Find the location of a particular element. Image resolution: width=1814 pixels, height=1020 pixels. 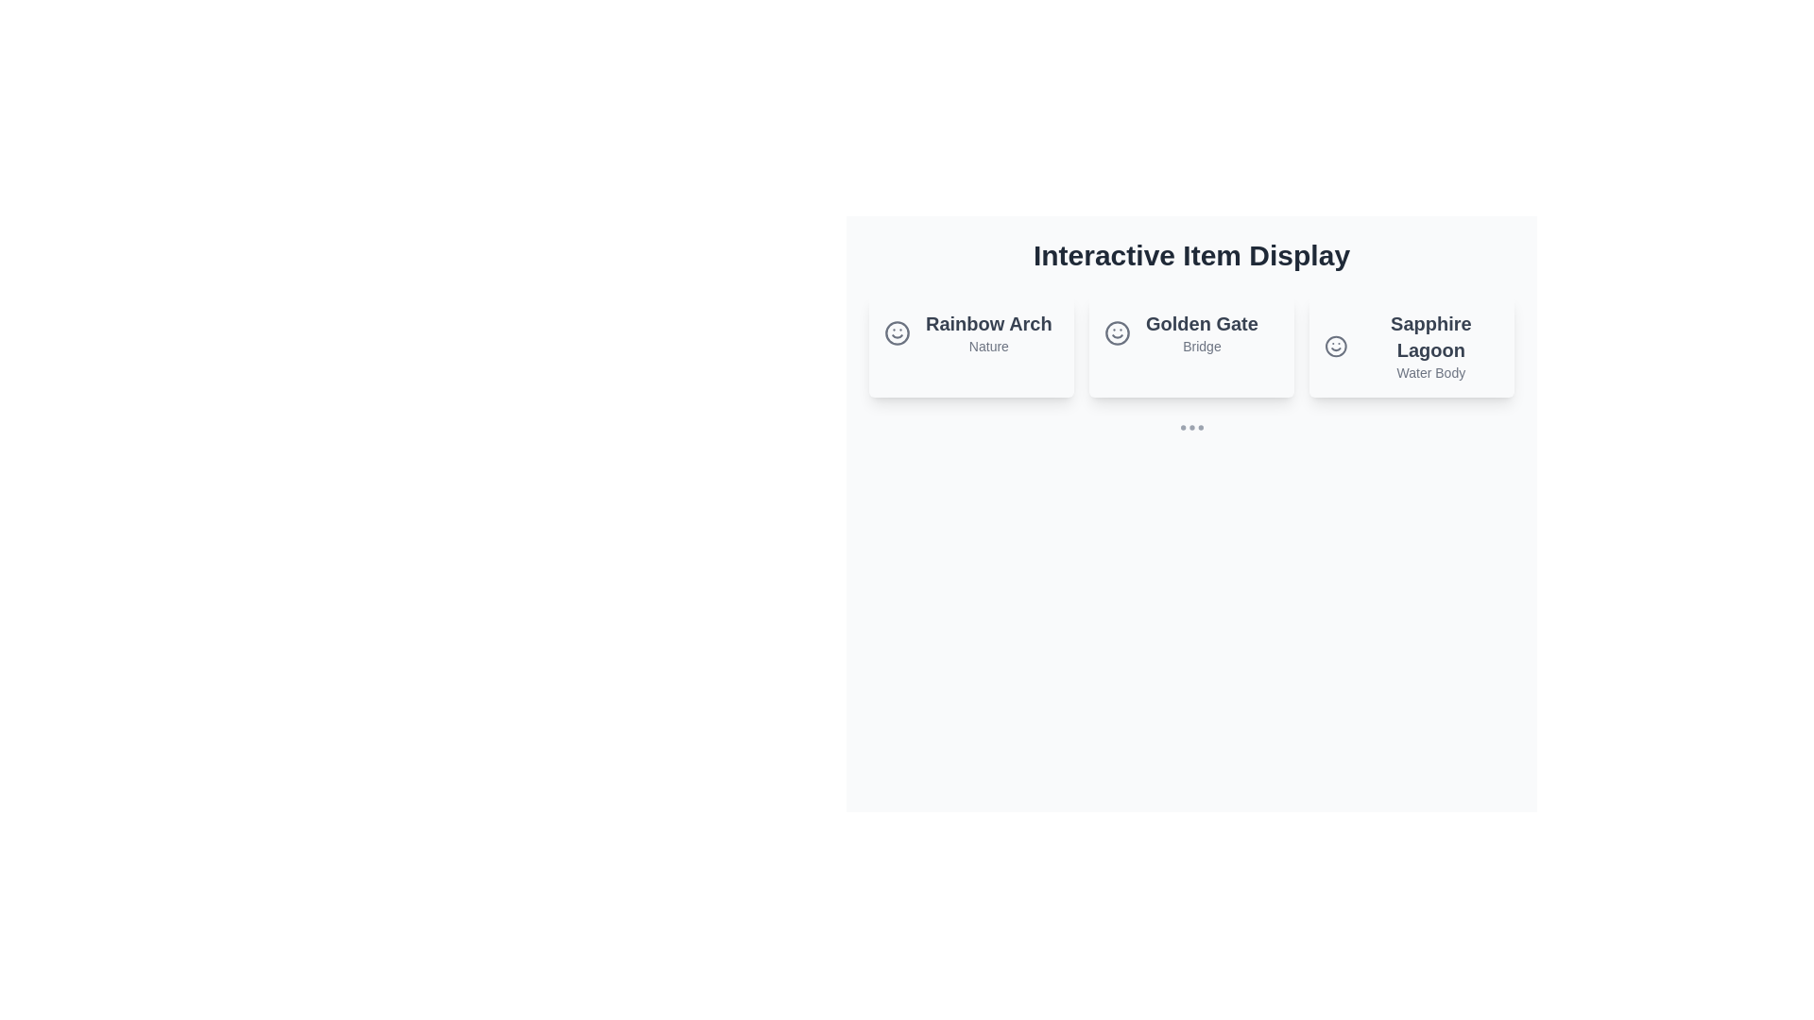

the circular smiling face icon located to the left of the 'Rainbow Arch' text in the first item card of the horizontal list is located at coordinates (897, 332).